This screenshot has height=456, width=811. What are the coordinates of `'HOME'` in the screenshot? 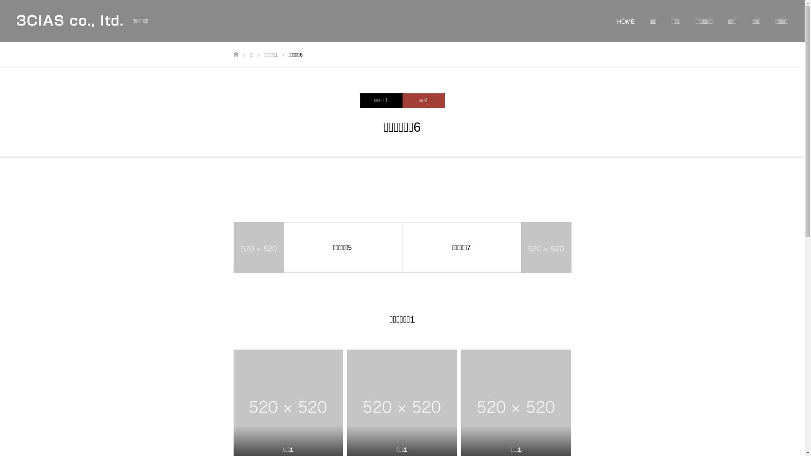 It's located at (626, 21).